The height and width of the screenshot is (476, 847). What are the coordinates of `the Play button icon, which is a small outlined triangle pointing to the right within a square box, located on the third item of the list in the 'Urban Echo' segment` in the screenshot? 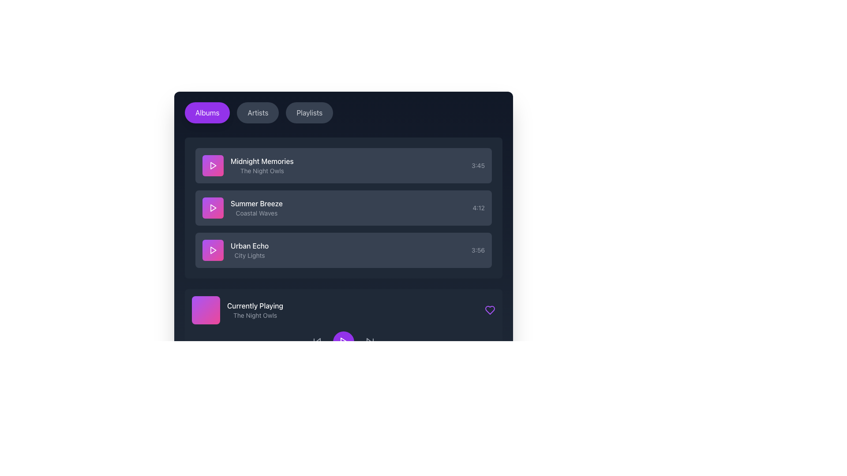 It's located at (213, 250).